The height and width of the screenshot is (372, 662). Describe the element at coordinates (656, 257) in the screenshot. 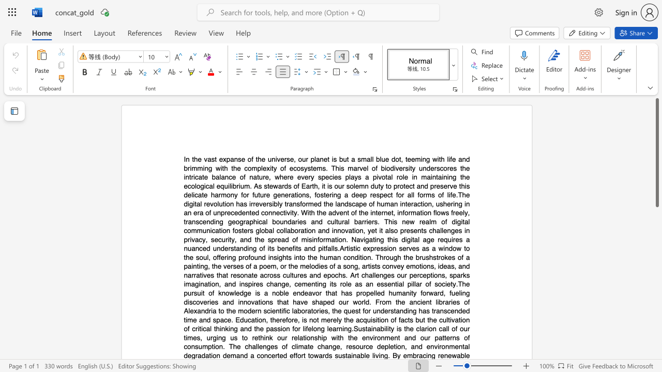

I see `the scrollbar to scroll the page down` at that location.